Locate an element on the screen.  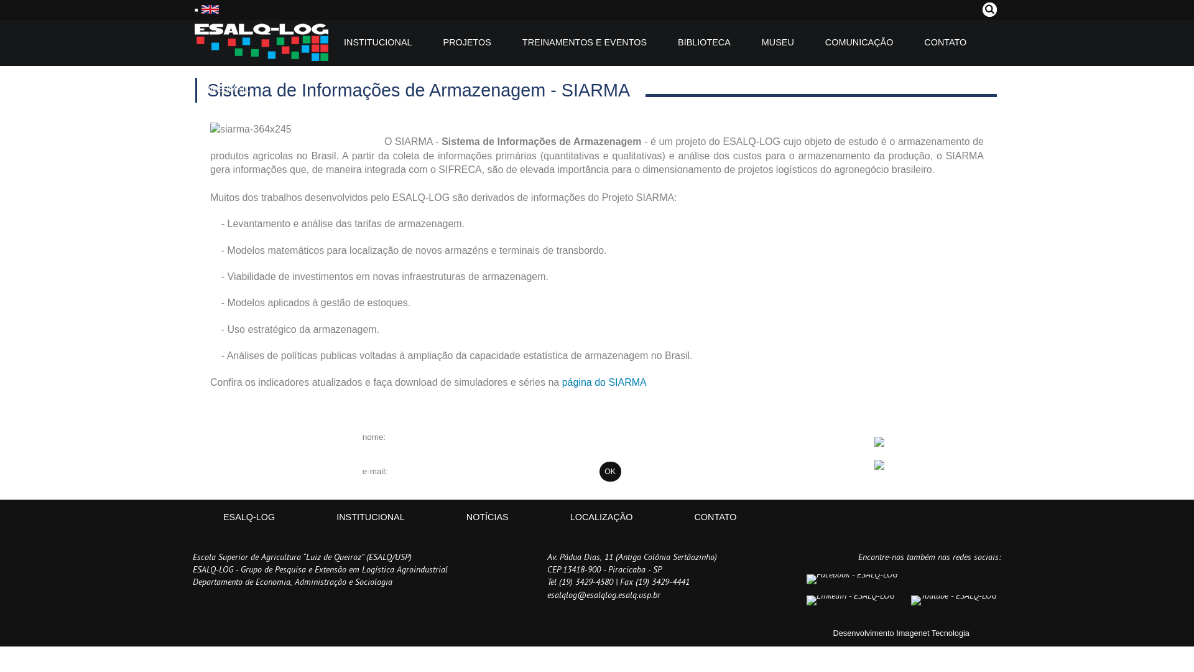
'App Store' is located at coordinates (874, 444).